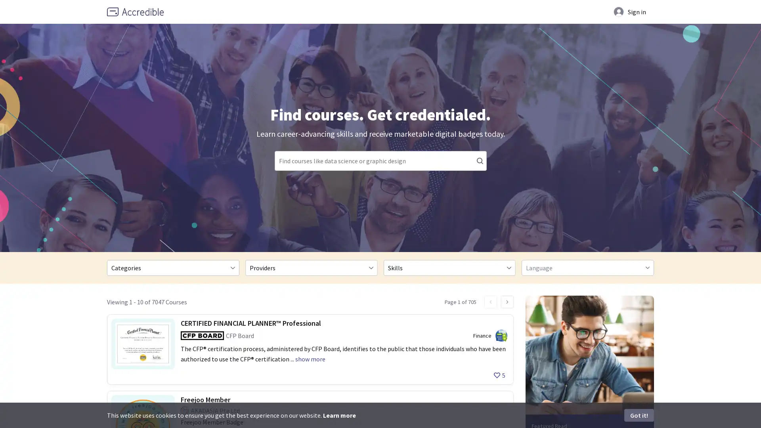 The height and width of the screenshot is (428, 761). I want to click on 5, so click(499, 375).